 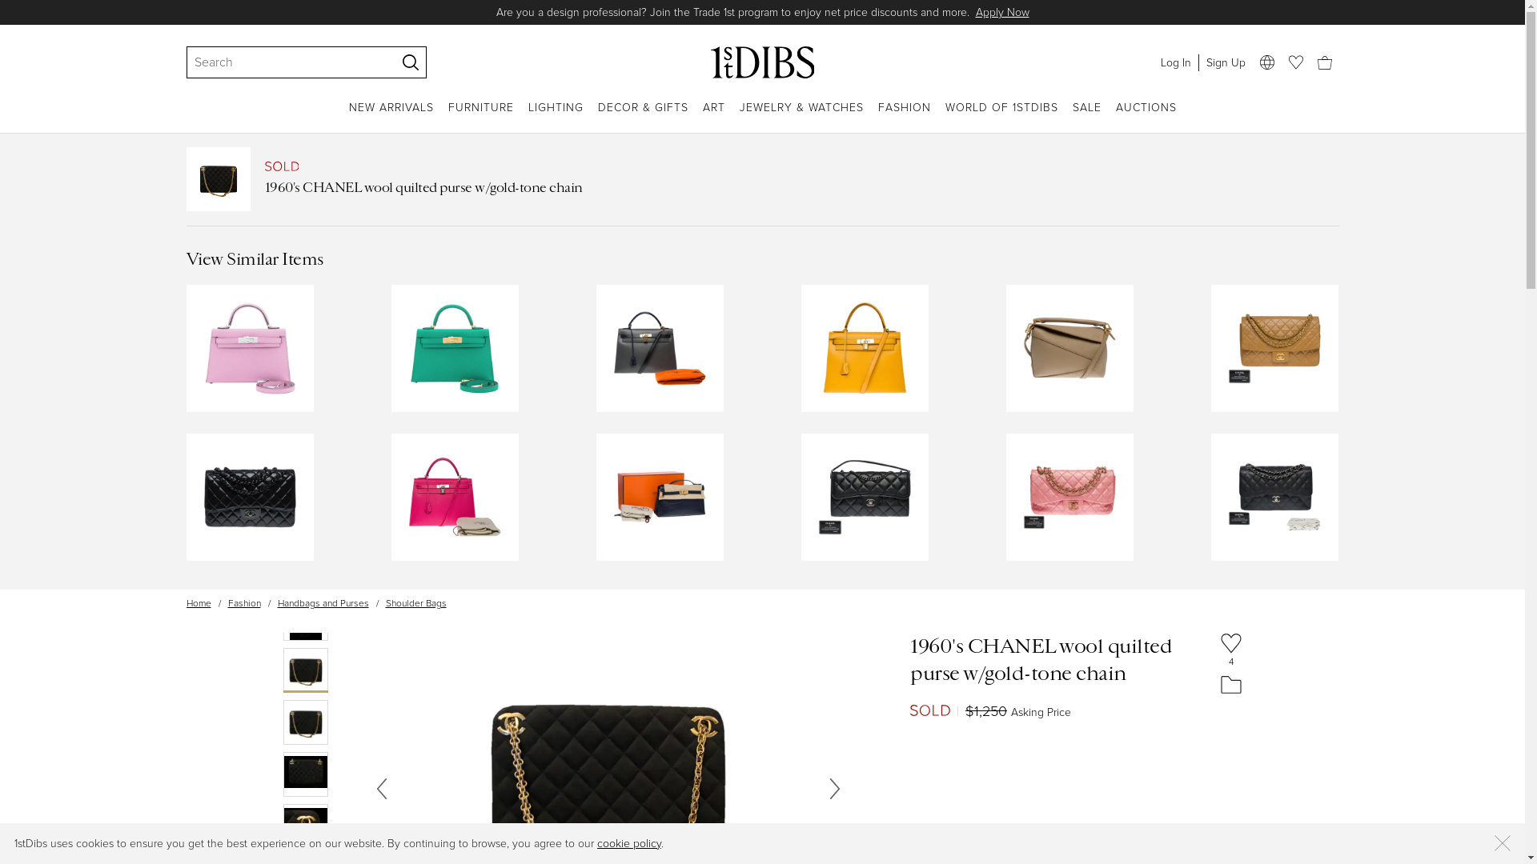 I want to click on 'AUCTIONS', so click(x=1145, y=115).